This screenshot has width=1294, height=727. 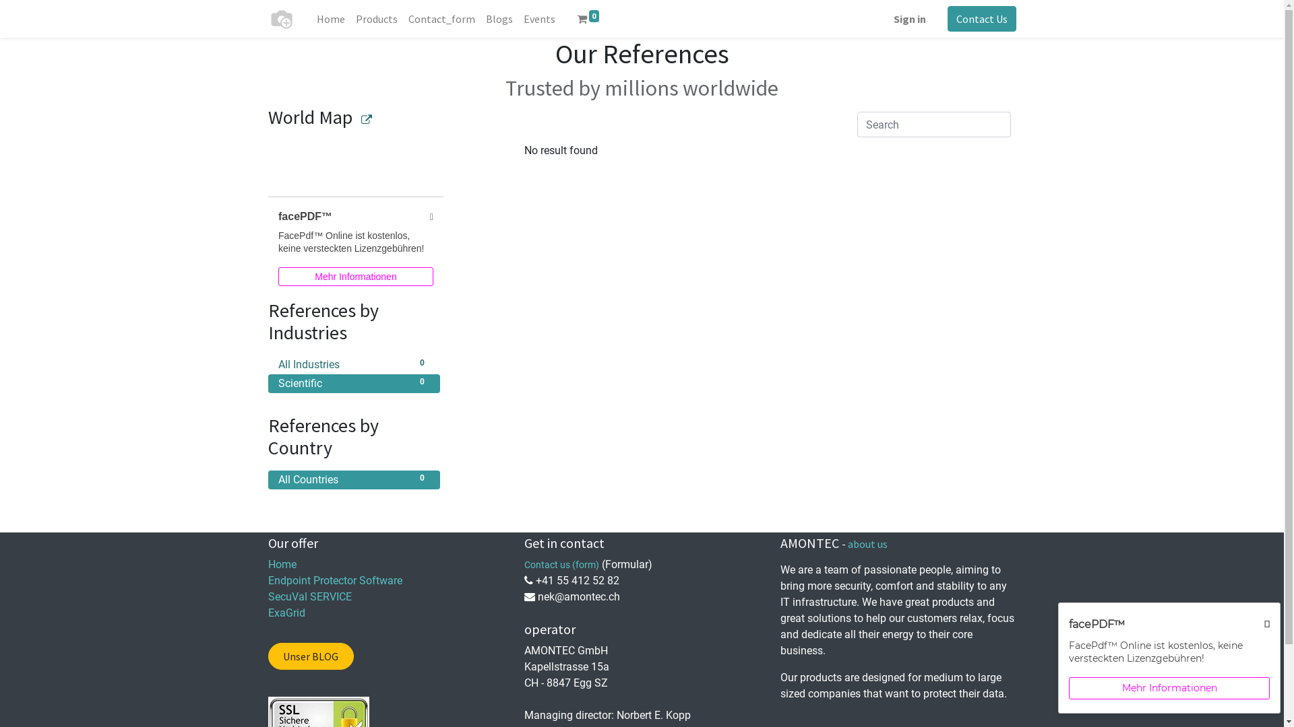 I want to click on 'External link', so click(x=361, y=118).